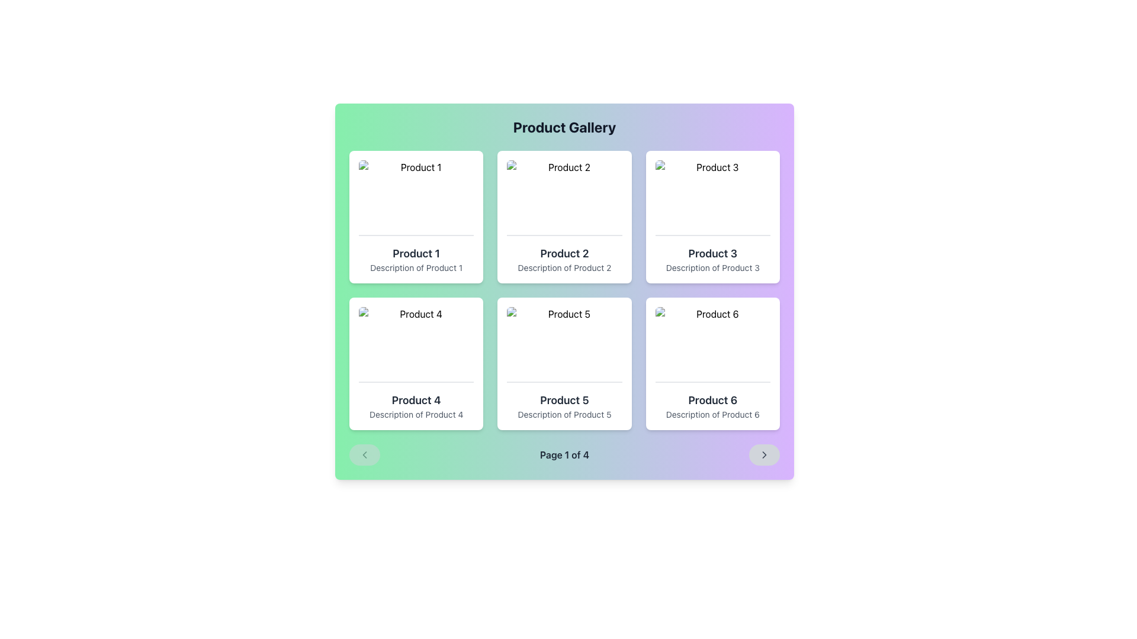  What do you see at coordinates (416, 400) in the screenshot?
I see `the text label that provides the title for 'Product 4', located in the second column and first row of the card grid` at bounding box center [416, 400].